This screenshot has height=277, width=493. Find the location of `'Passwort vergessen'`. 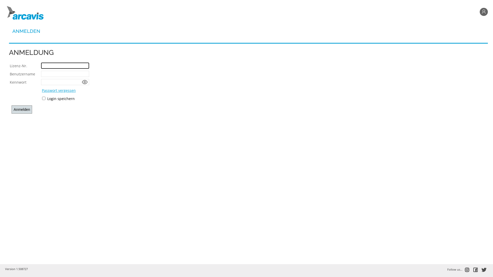

'Passwort vergessen' is located at coordinates (59, 90).